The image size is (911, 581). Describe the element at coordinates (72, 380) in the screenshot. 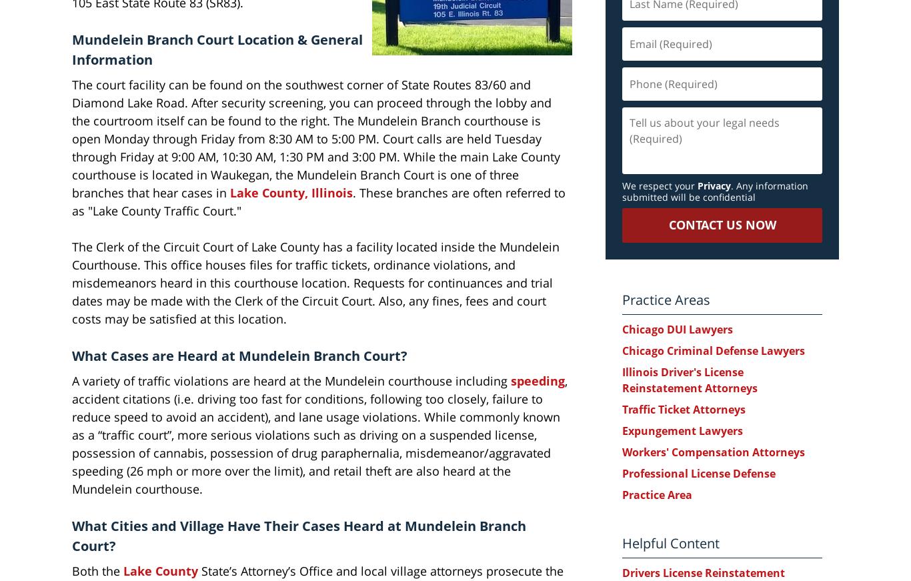

I see `'A variety of traffic violations are heard at the Mundelein courthouse including'` at that location.